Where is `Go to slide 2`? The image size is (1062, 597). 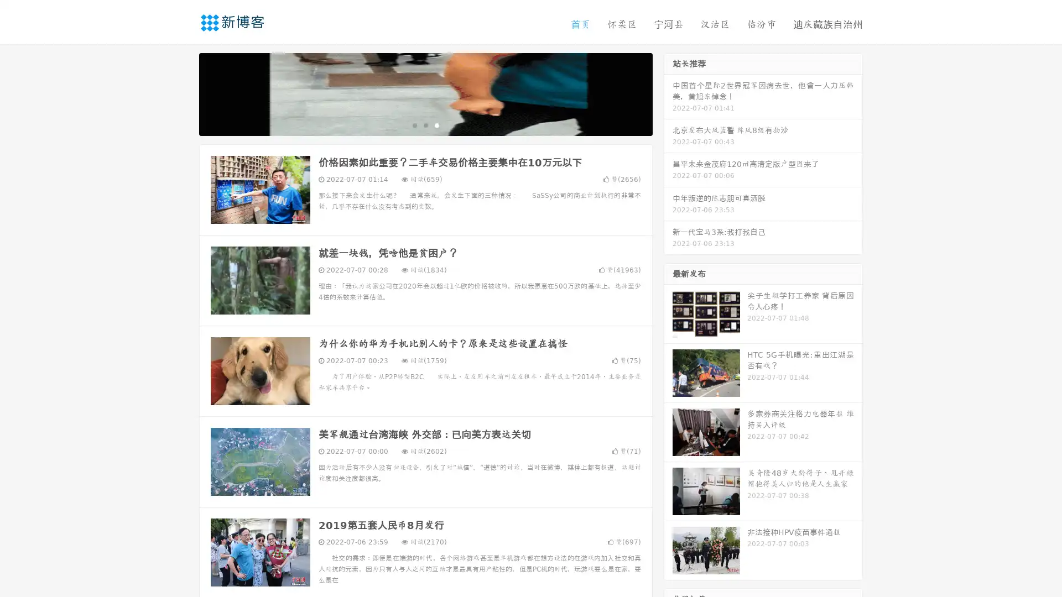
Go to slide 2 is located at coordinates (425, 124).